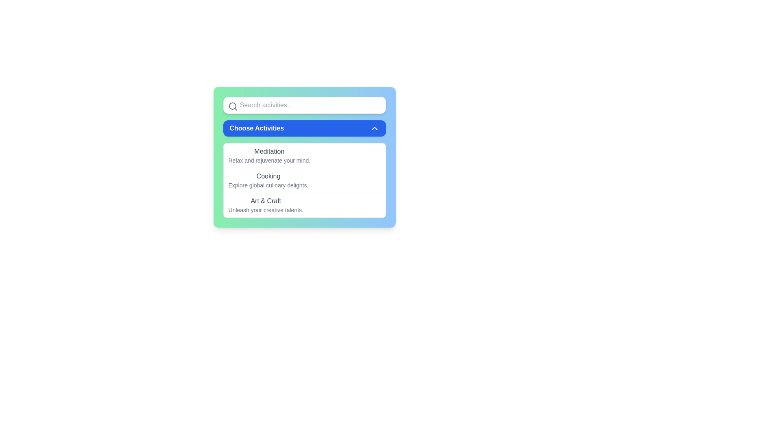  What do you see at coordinates (374, 128) in the screenshot?
I see `the dropdown or toggle icon located at the far-right of the blue bar labeled 'Choose Activities', which is aligned horizontally with the text label` at bounding box center [374, 128].